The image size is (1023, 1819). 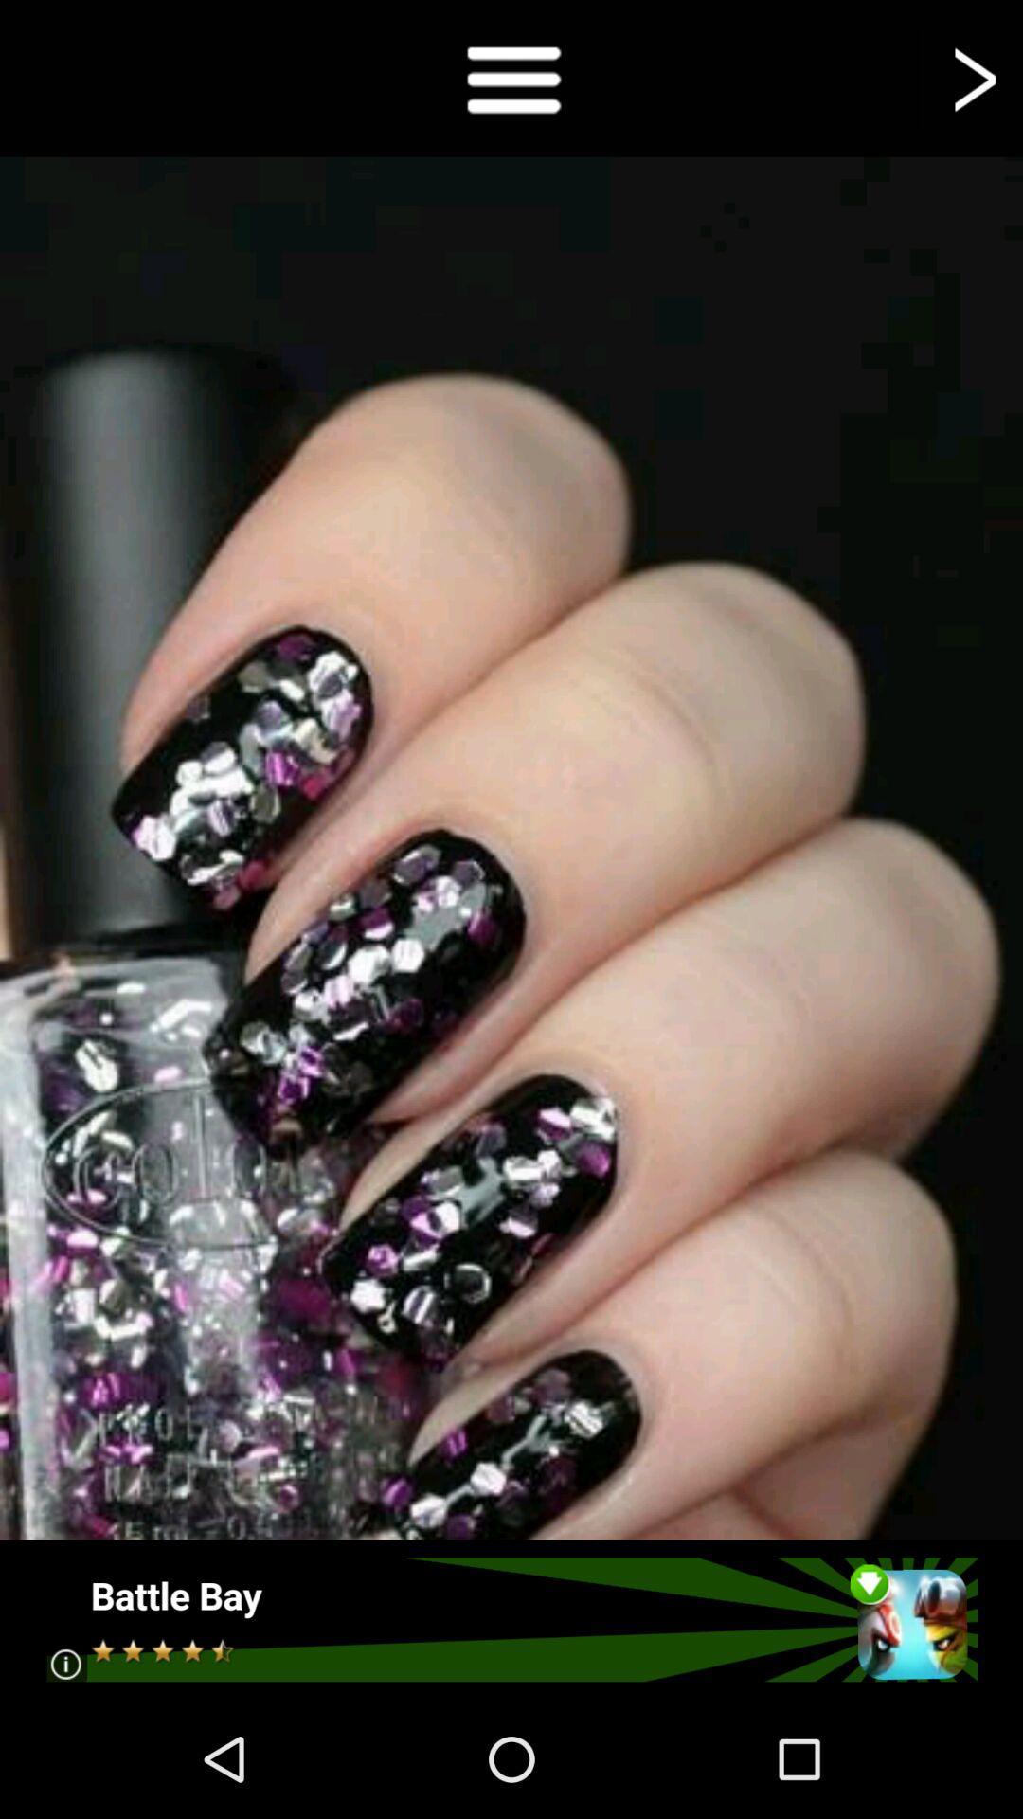 I want to click on next, so click(x=972, y=77).